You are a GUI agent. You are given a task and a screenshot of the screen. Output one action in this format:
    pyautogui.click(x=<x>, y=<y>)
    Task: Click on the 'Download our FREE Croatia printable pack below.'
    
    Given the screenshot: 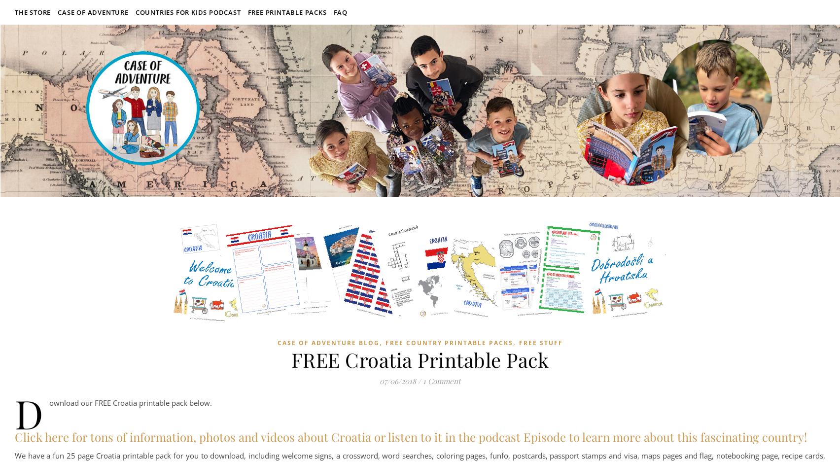 What is the action you would take?
    pyautogui.click(x=14, y=412)
    